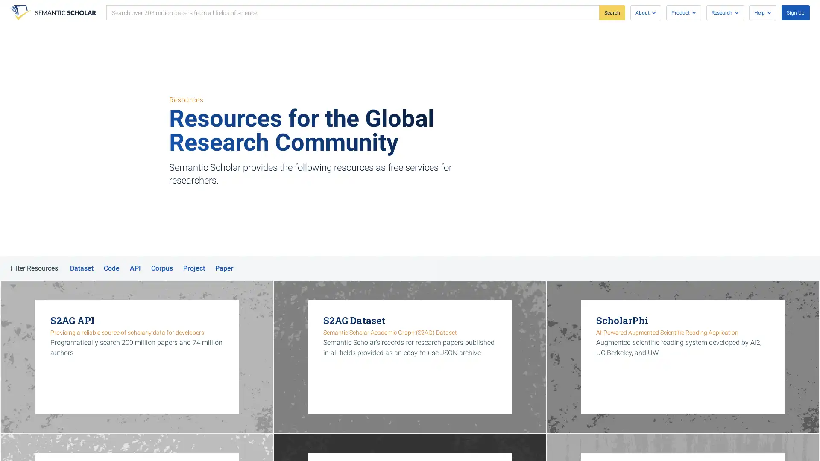  What do you see at coordinates (612, 13) in the screenshot?
I see `Search` at bounding box center [612, 13].